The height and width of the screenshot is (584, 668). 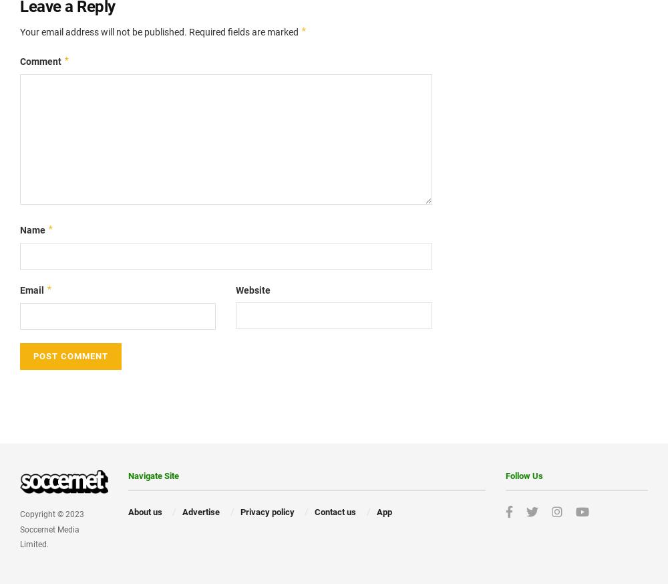 What do you see at coordinates (201, 510) in the screenshot?
I see `'Advertise'` at bounding box center [201, 510].